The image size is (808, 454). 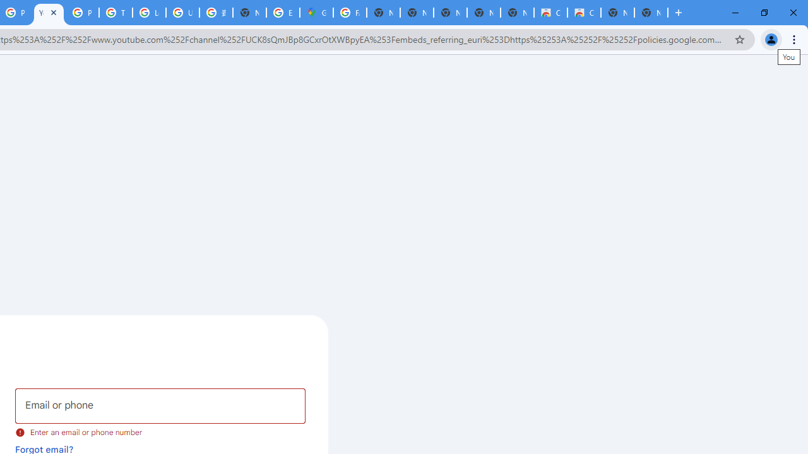 I want to click on 'YouTube', so click(x=49, y=13).